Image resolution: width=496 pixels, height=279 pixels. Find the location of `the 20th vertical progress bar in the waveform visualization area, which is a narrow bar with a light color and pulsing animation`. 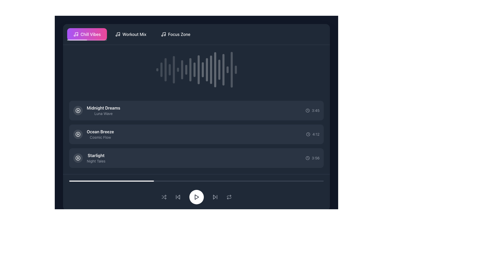

the 20th vertical progress bar in the waveform visualization area, which is a narrow bar with a light color and pulsing animation is located at coordinates (231, 70).